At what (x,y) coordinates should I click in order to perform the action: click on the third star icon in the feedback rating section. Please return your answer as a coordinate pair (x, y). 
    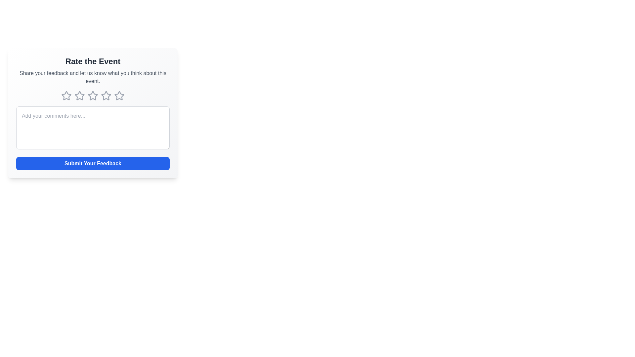
    Looking at the image, I should click on (93, 96).